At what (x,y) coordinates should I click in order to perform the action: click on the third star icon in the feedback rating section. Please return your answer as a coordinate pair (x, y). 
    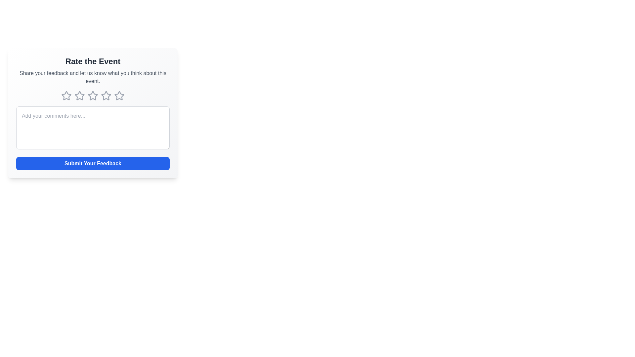
    Looking at the image, I should click on (93, 96).